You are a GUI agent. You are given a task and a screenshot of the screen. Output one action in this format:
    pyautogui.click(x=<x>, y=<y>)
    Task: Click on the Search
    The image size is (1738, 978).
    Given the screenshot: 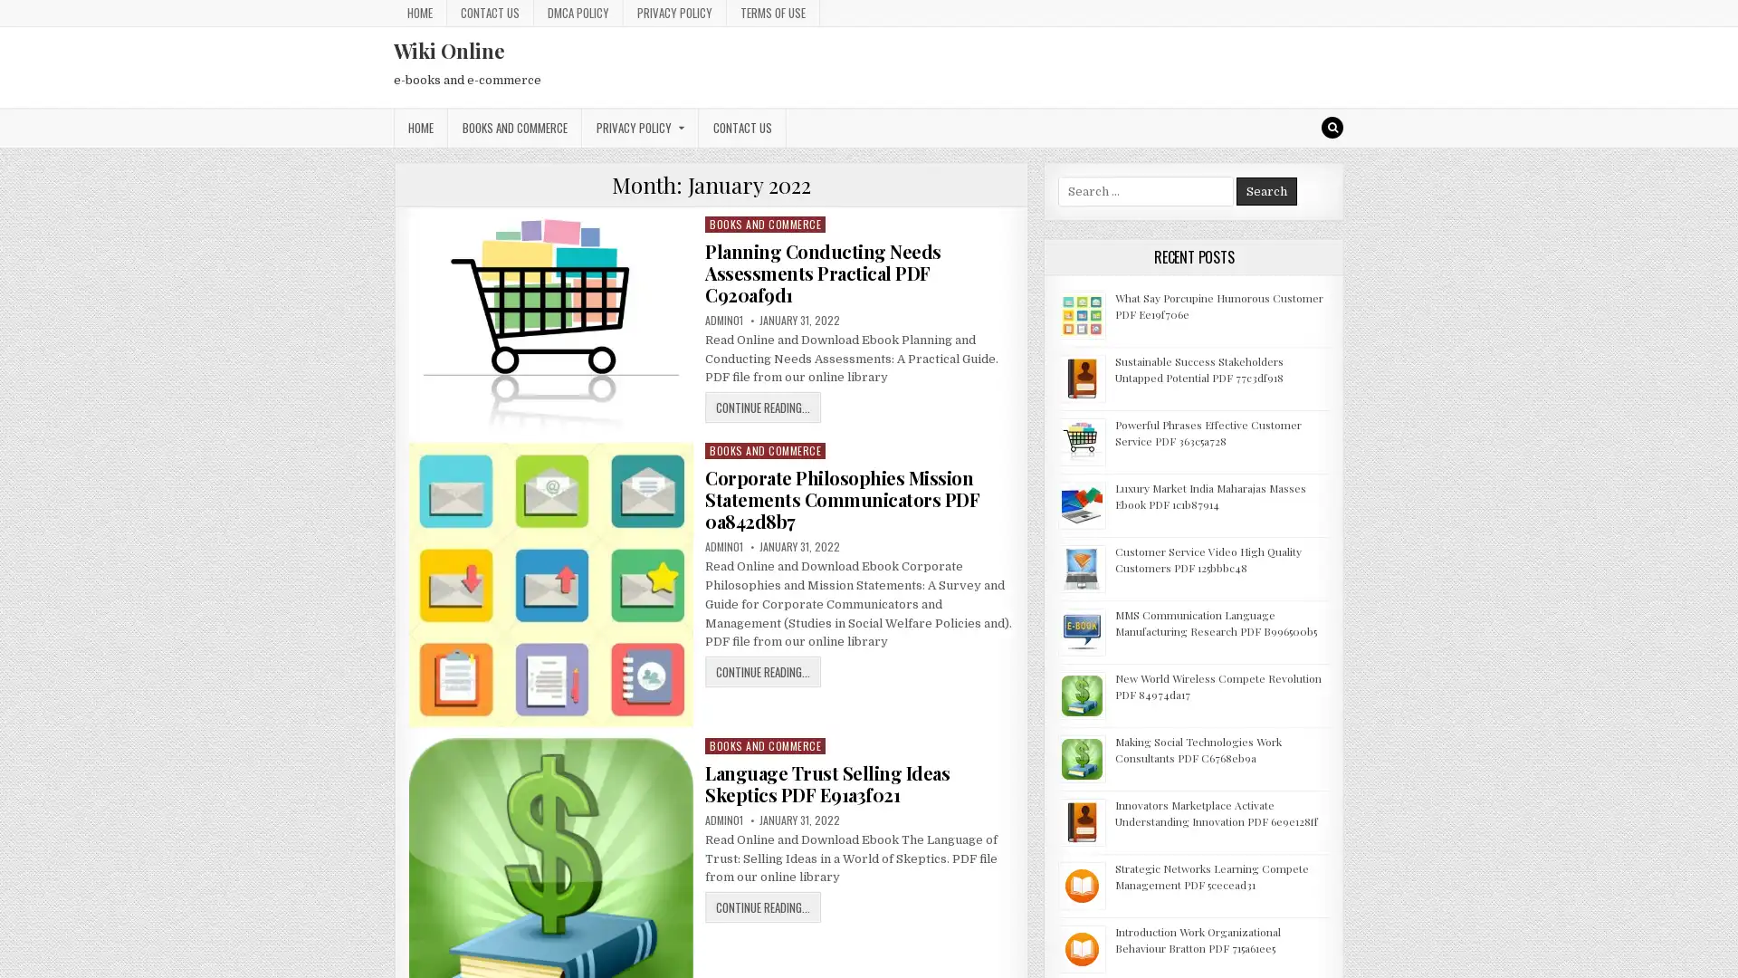 What is the action you would take?
    pyautogui.click(x=1265, y=191)
    